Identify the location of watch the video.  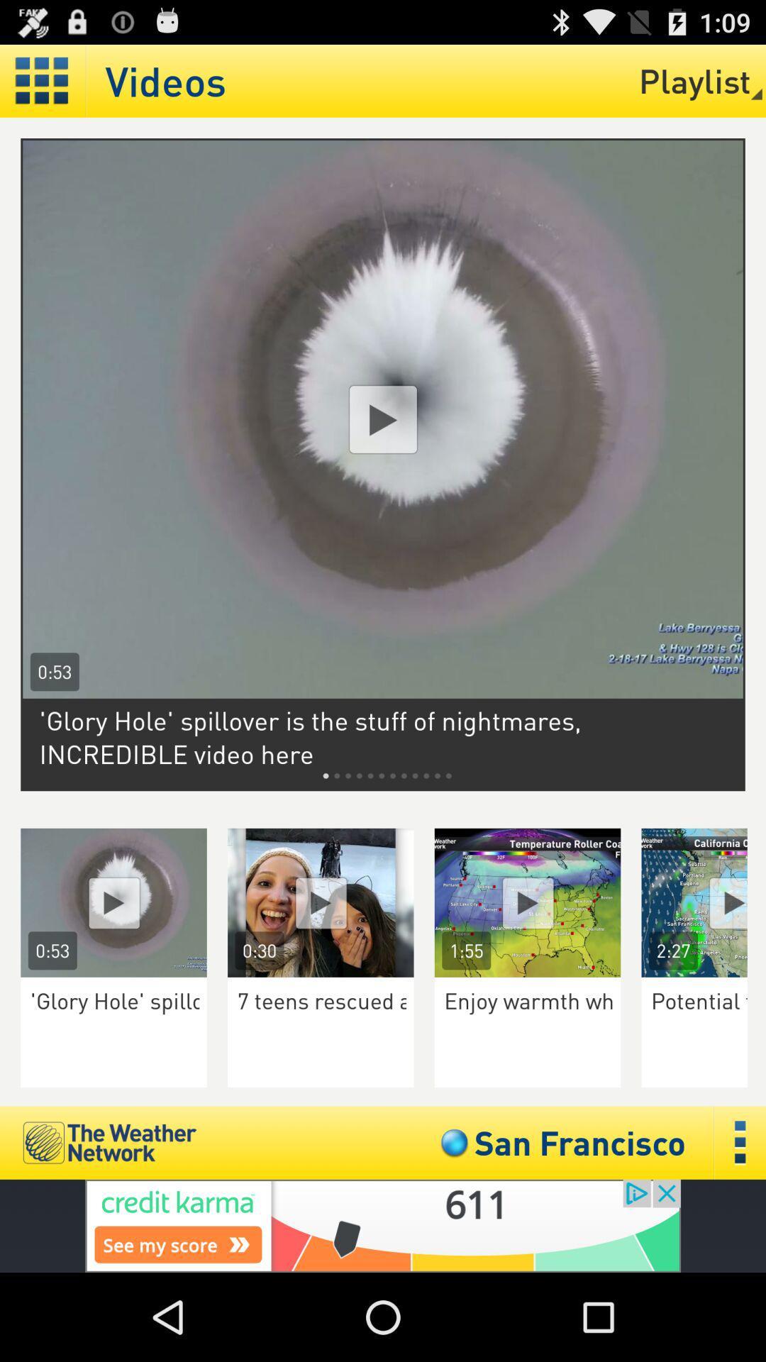
(528, 902).